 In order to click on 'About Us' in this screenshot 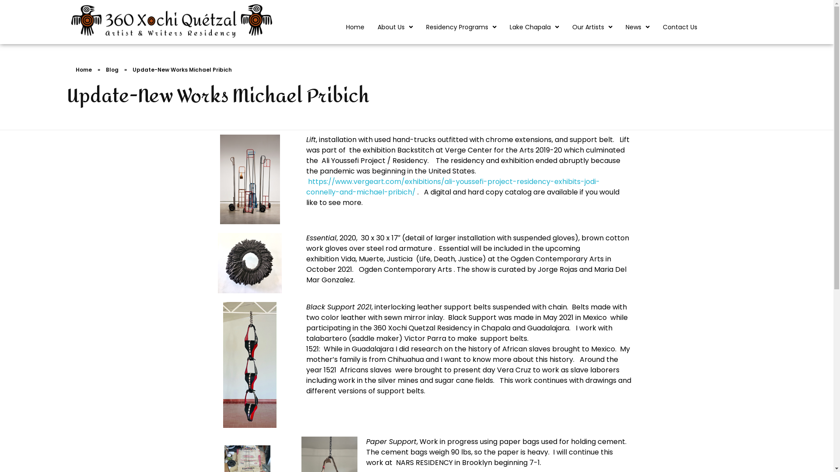, I will do `click(371, 26)`.